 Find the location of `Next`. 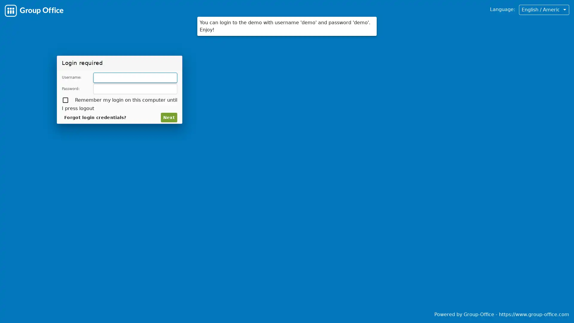

Next is located at coordinates (170, 117).